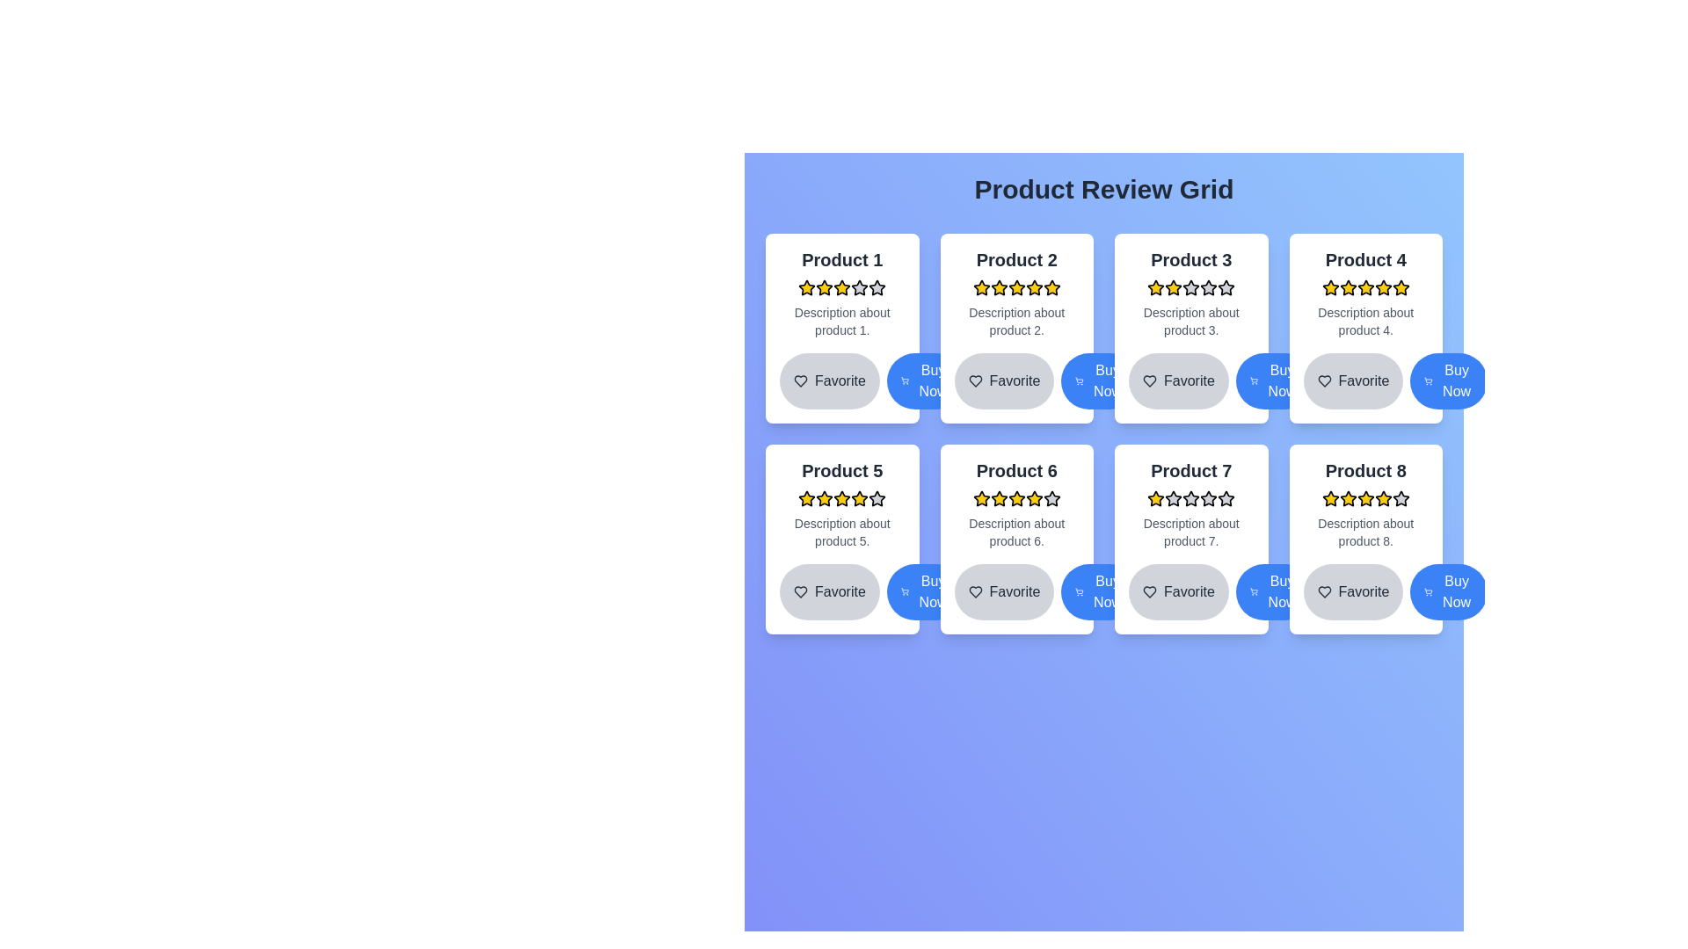 This screenshot has width=1688, height=949. I want to click on the Rating Icon (Star) that visually represents the user's rating for Product 6 in the second row, third column of the review grid, so click(1051, 498).